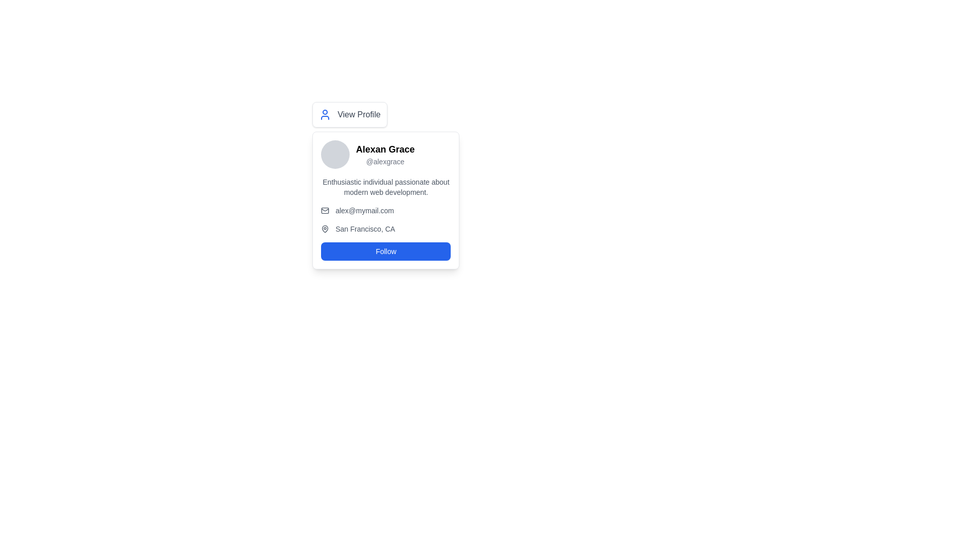 The height and width of the screenshot is (551, 980). I want to click on the 'Follow' button, which is a rectangular button with a vibrant blue background and white text, located at the bottom of a profile card, so click(385, 252).